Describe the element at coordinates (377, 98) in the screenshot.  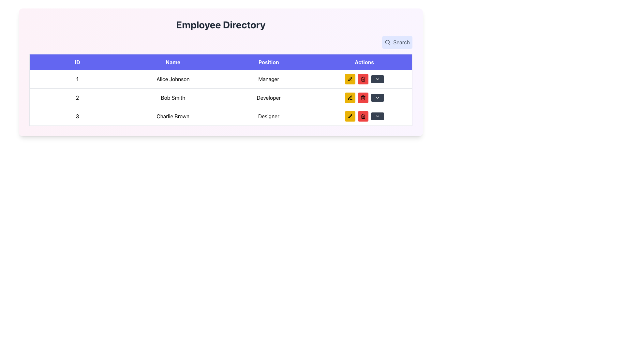
I see `the small rectangular button with rounded corners and a dark gray background, which has a white downward-facing chevron icon, located in the 'Actions' column of the second row of the employee directory table` at that location.